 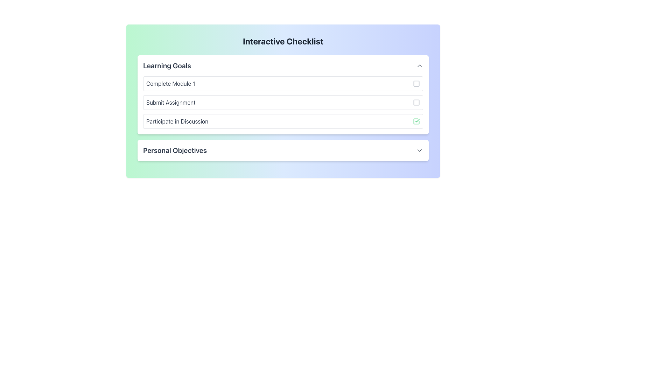 I want to click on the bold text label styled in dark gray that displays 'Learning Goals', located near the top-left corner of the section header, so click(x=167, y=66).